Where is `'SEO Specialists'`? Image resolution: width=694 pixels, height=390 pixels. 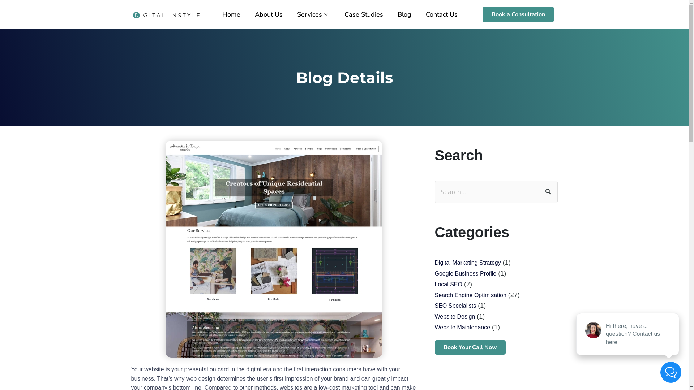 'SEO Specialists' is located at coordinates (455, 305).